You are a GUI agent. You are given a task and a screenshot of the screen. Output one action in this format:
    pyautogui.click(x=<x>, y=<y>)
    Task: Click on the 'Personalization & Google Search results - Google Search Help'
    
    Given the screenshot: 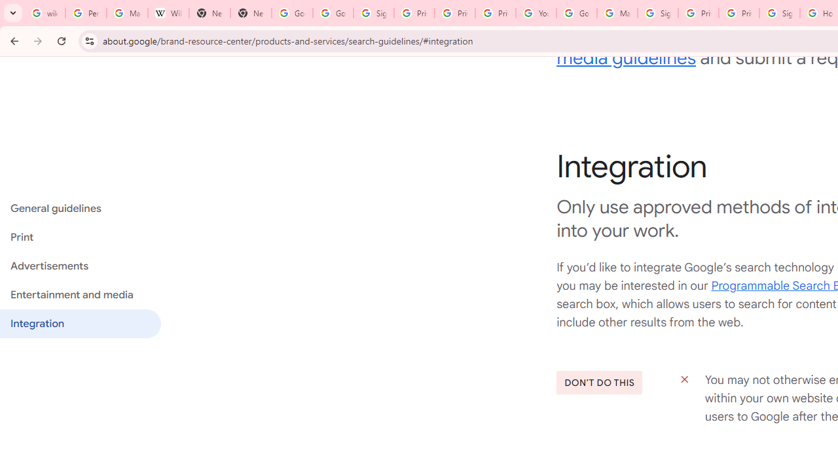 What is the action you would take?
    pyautogui.click(x=85, y=13)
    